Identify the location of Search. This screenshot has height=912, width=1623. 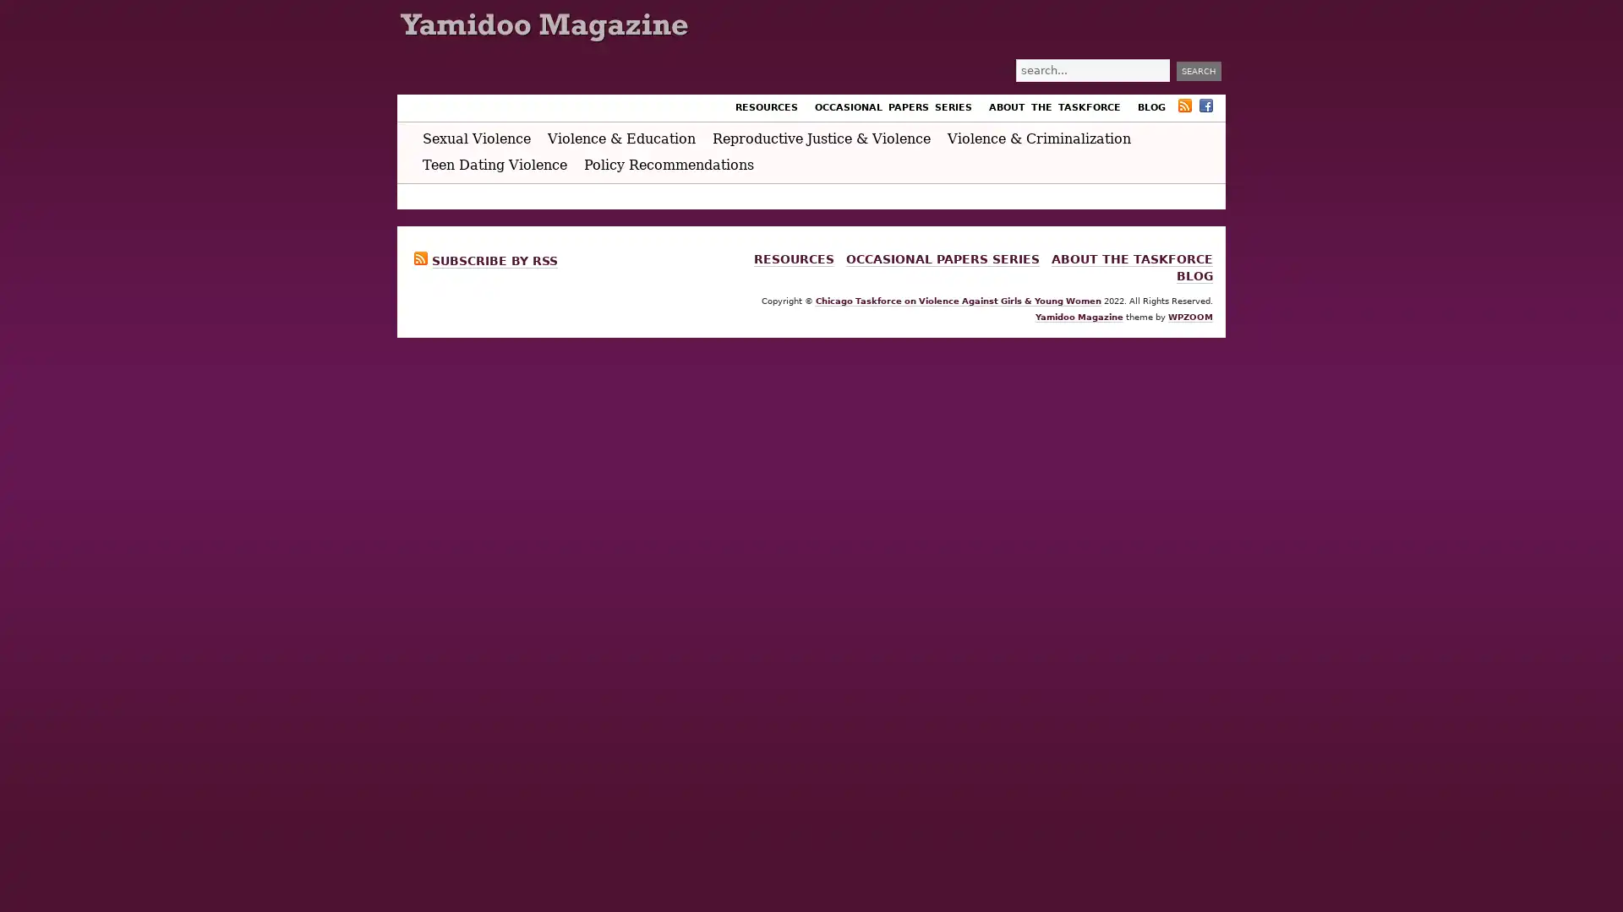
(1198, 70).